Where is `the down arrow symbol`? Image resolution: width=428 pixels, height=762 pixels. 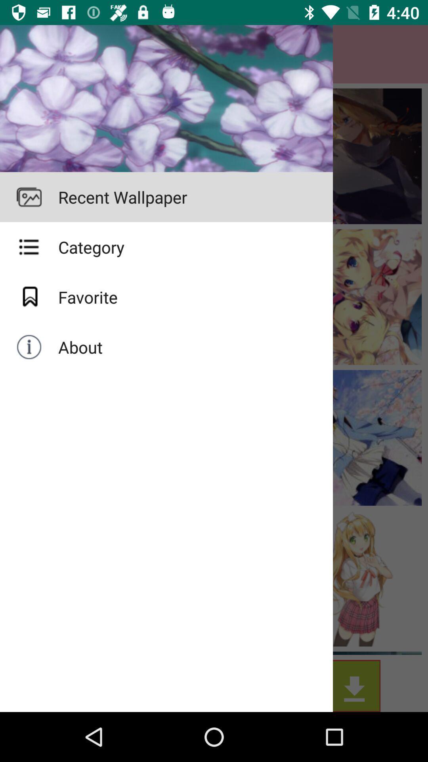
the down arrow symbol is located at coordinates (166, 197).